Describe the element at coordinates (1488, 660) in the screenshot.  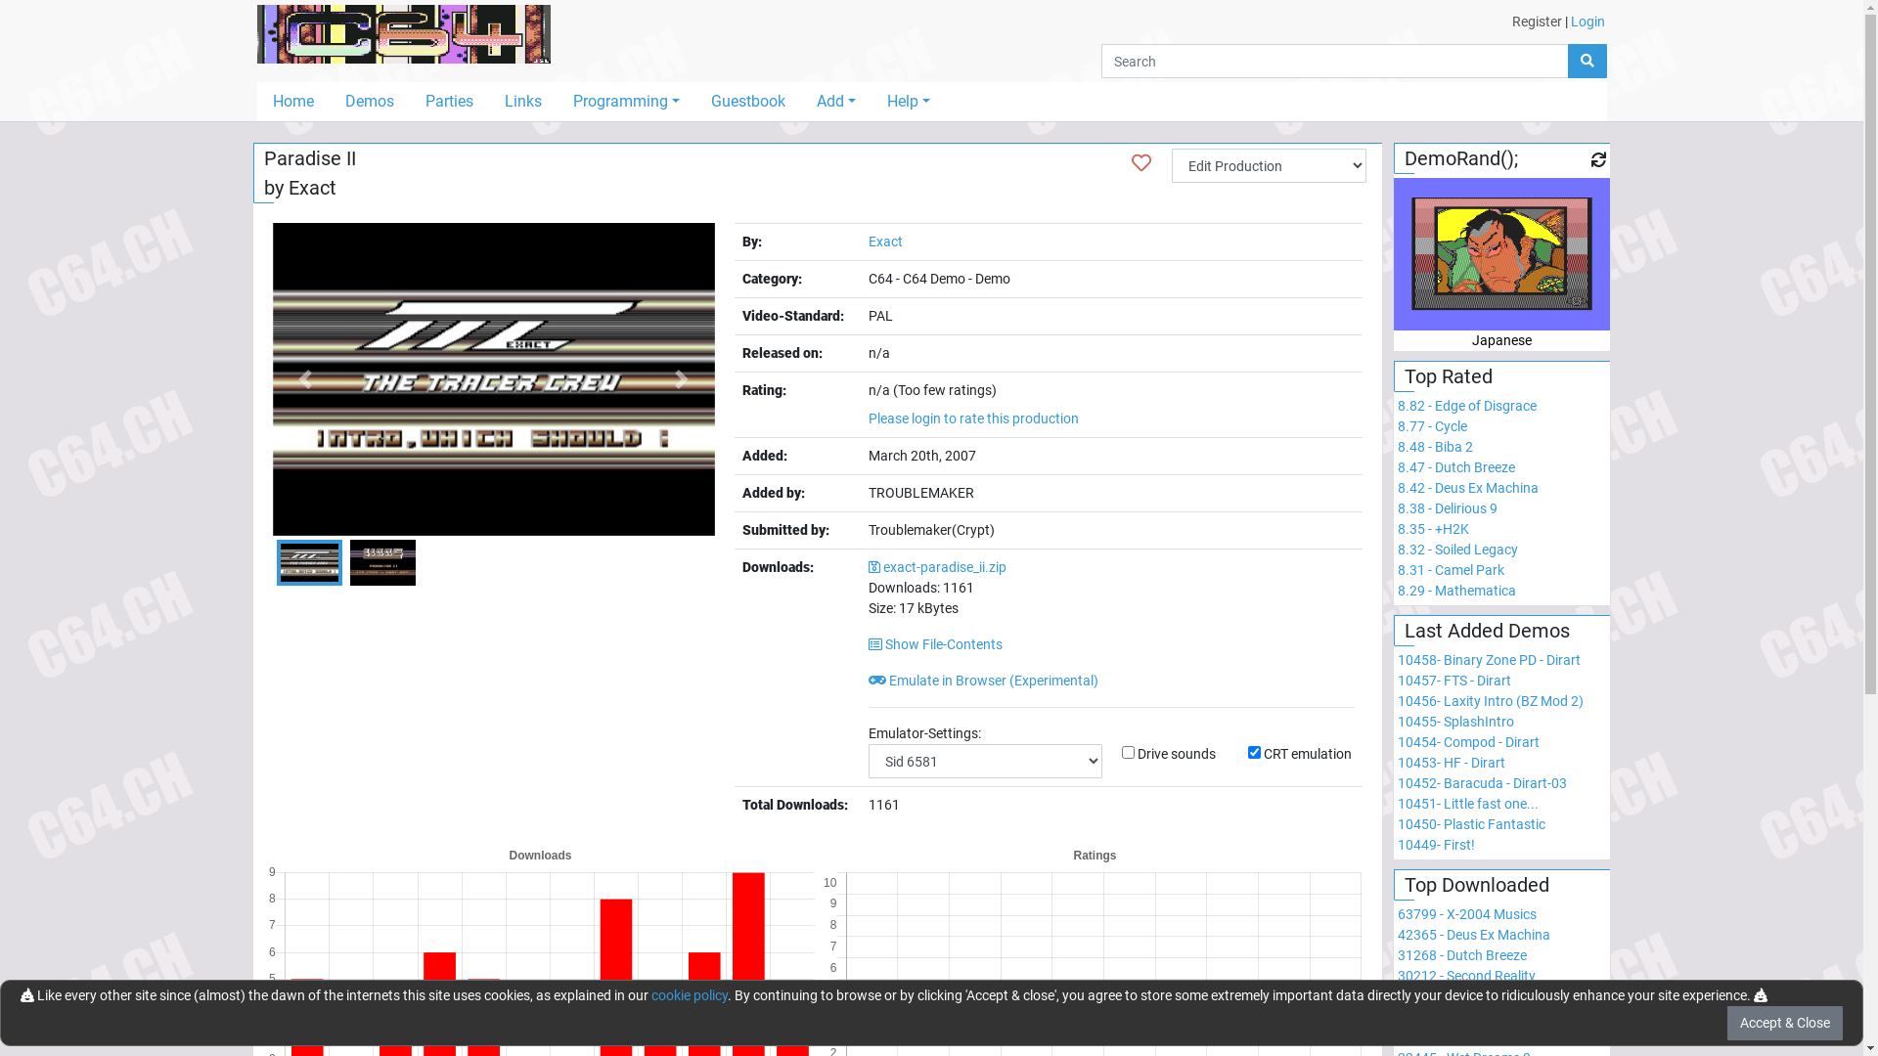
I see `'10458- Binary Zone PD - Dirart'` at that location.